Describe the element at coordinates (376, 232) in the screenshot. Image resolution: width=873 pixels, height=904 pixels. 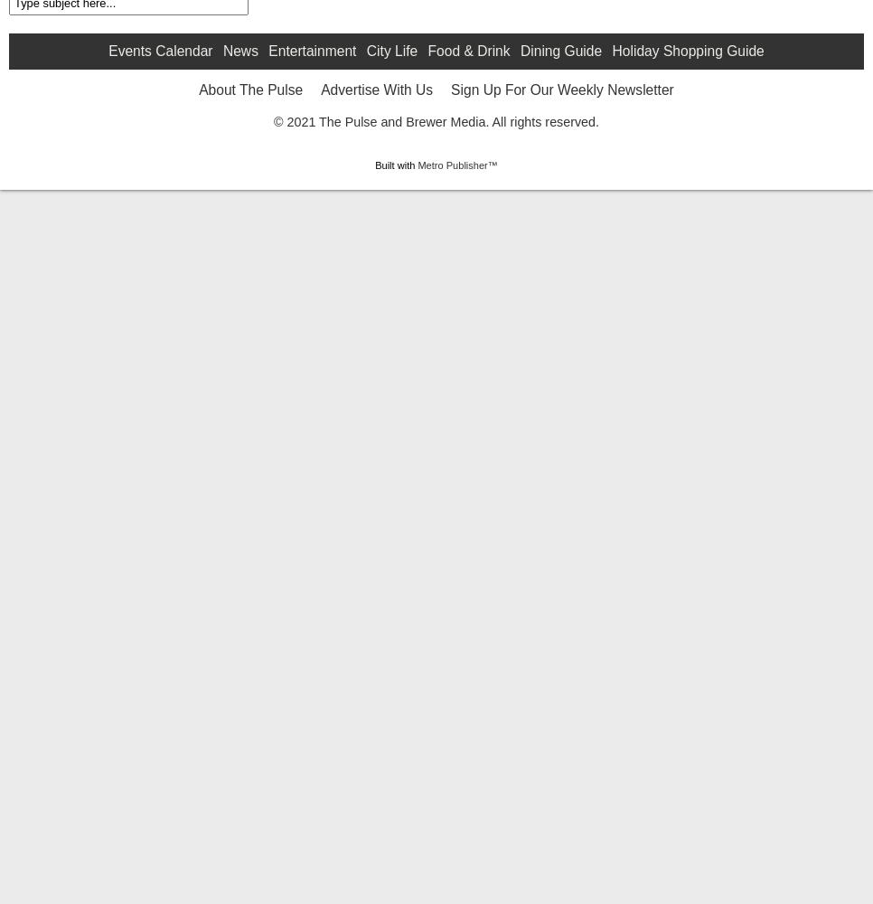
I see `'Advertise With Us'` at that location.